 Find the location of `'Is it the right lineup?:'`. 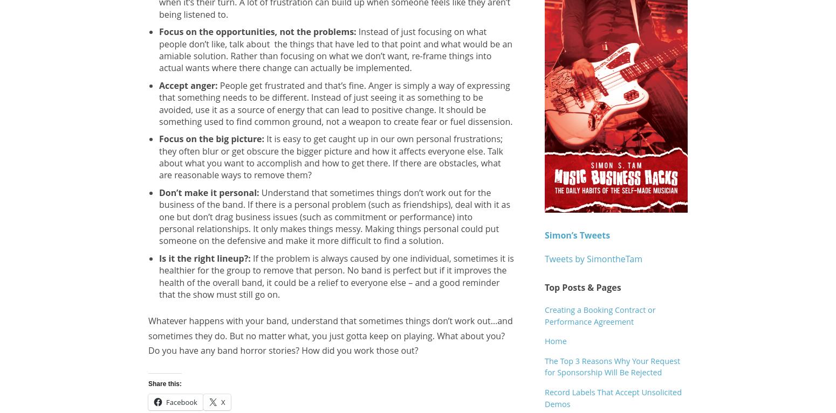

'Is it the right lineup?:' is located at coordinates (205, 257).